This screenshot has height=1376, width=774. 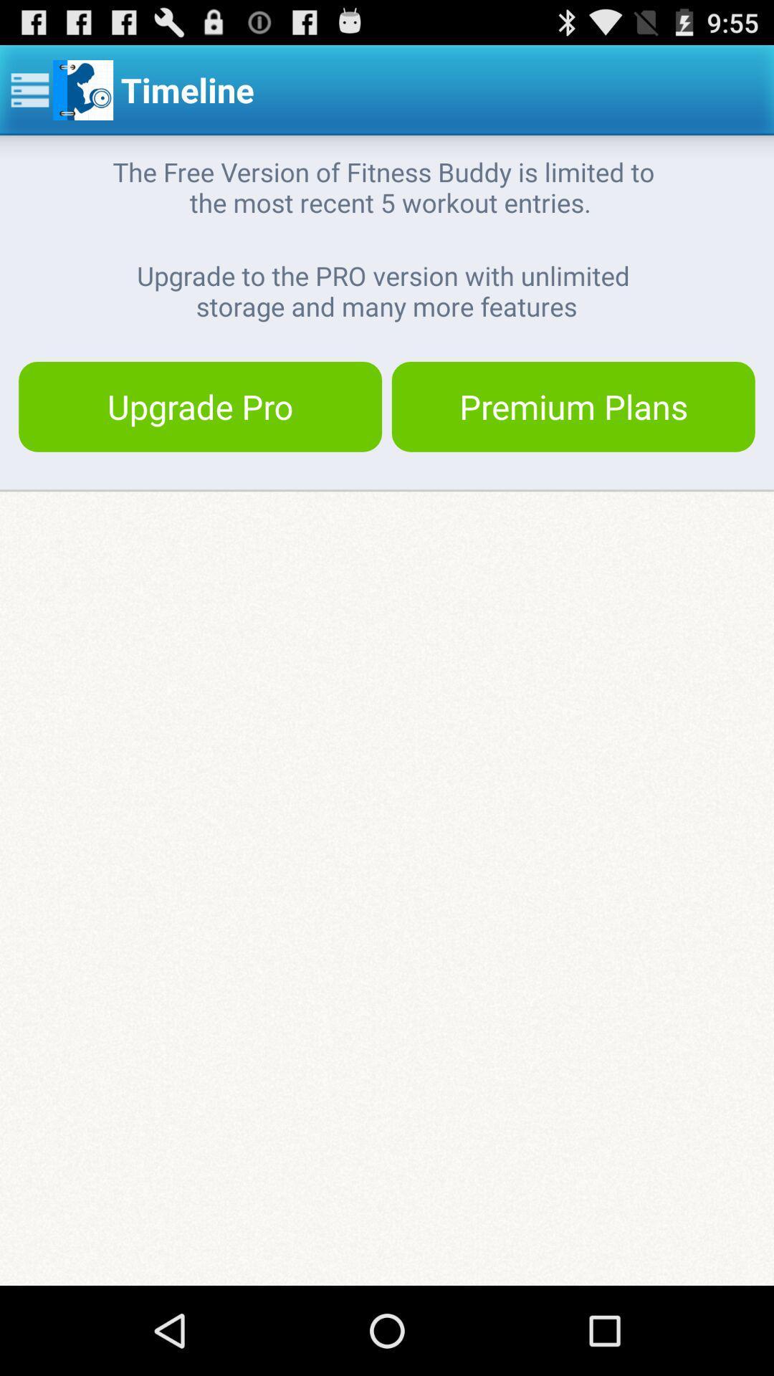 I want to click on the premium plans item, so click(x=573, y=406).